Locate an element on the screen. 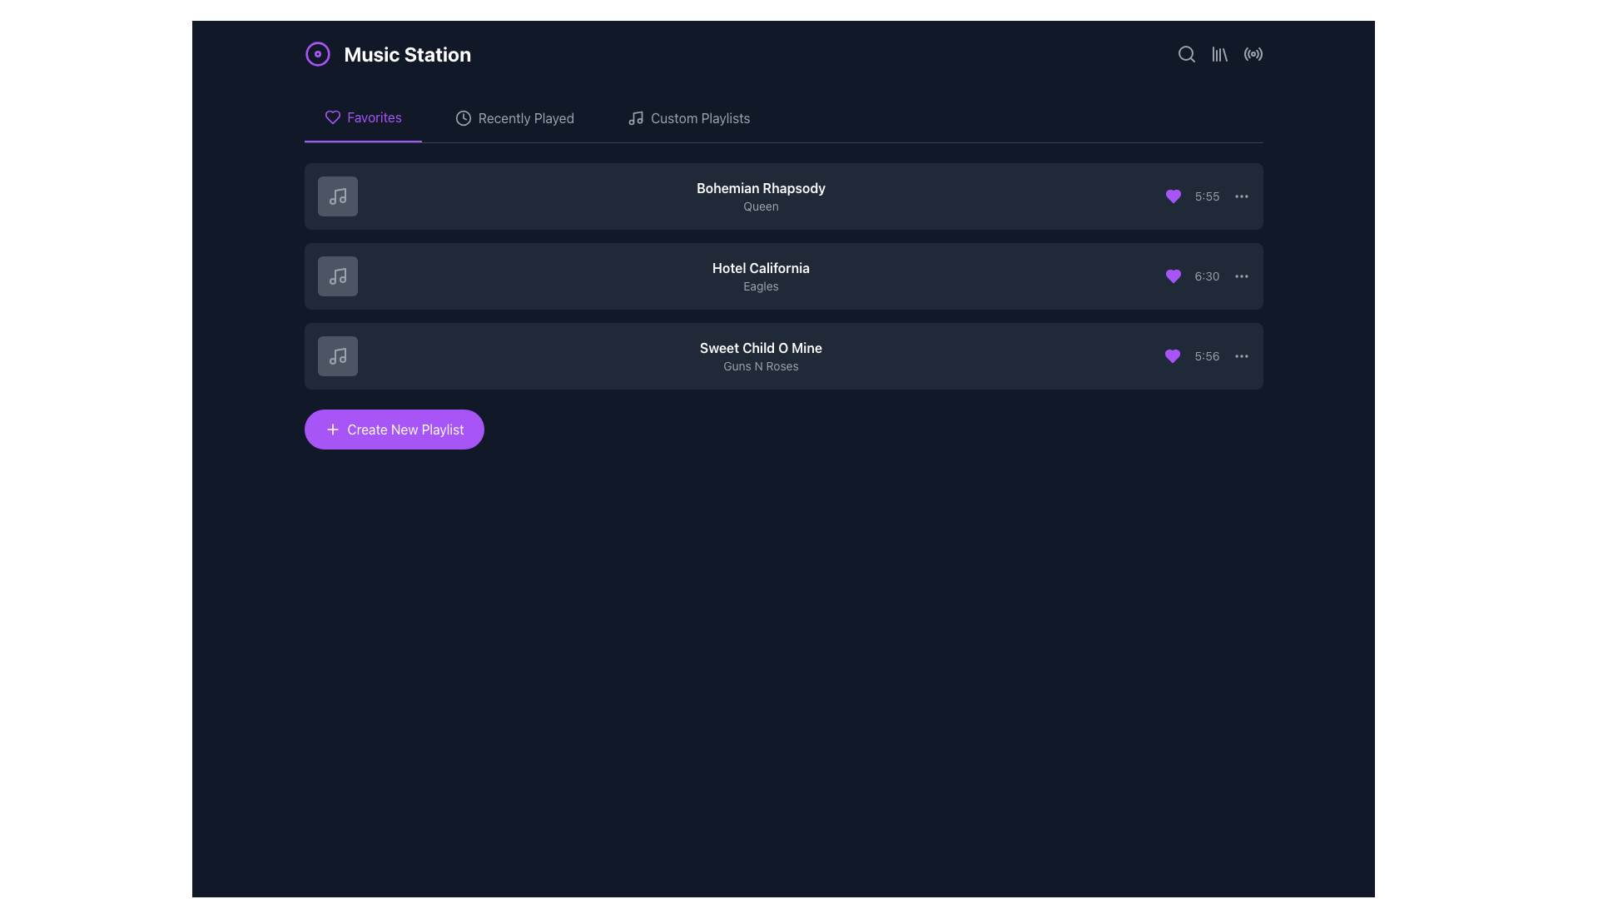 The height and width of the screenshot is (899, 1598). the second navigational button in the horizontal navigation bar is located at coordinates (514, 117).